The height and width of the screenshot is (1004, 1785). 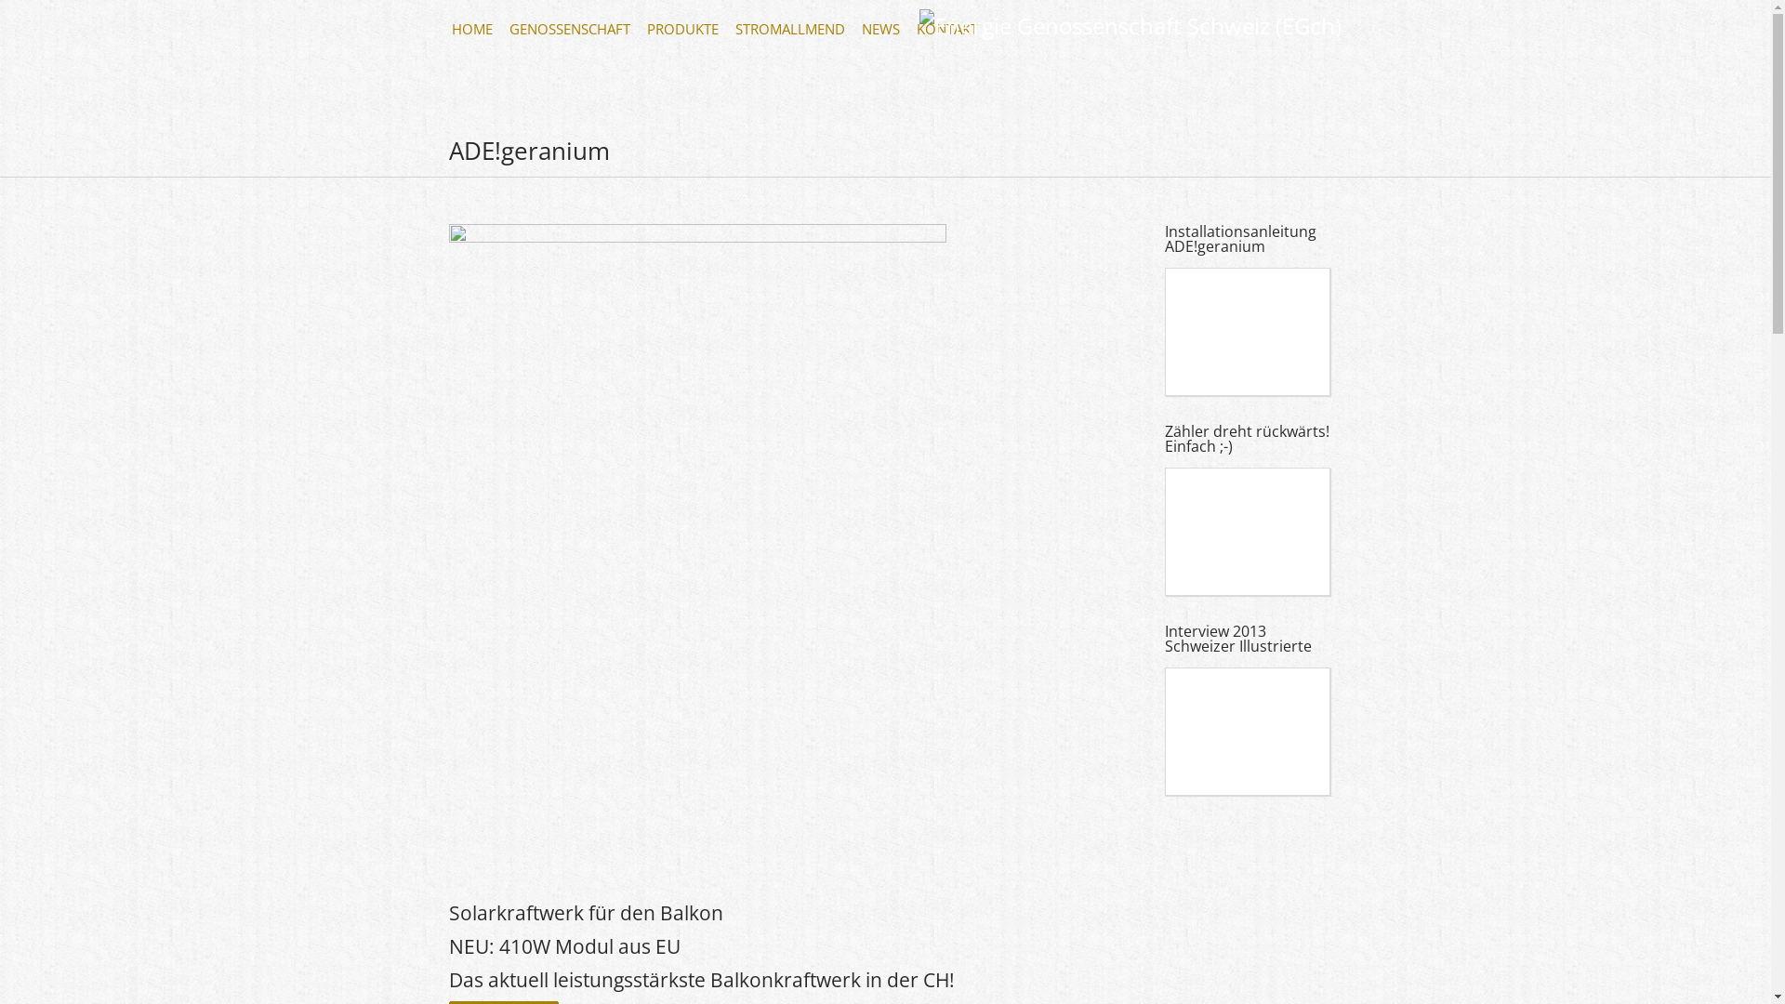 What do you see at coordinates (1310, 344) in the screenshot?
I see `'YouTube video player'` at bounding box center [1310, 344].